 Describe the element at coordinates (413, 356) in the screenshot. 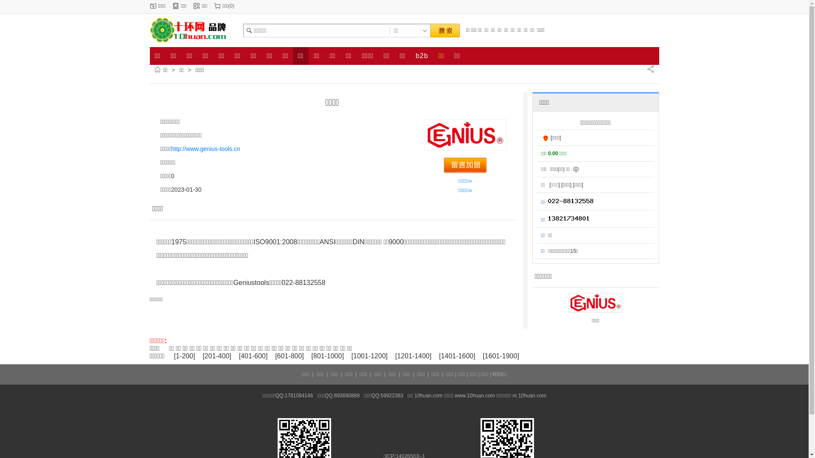

I see `'1201-1400'` at that location.